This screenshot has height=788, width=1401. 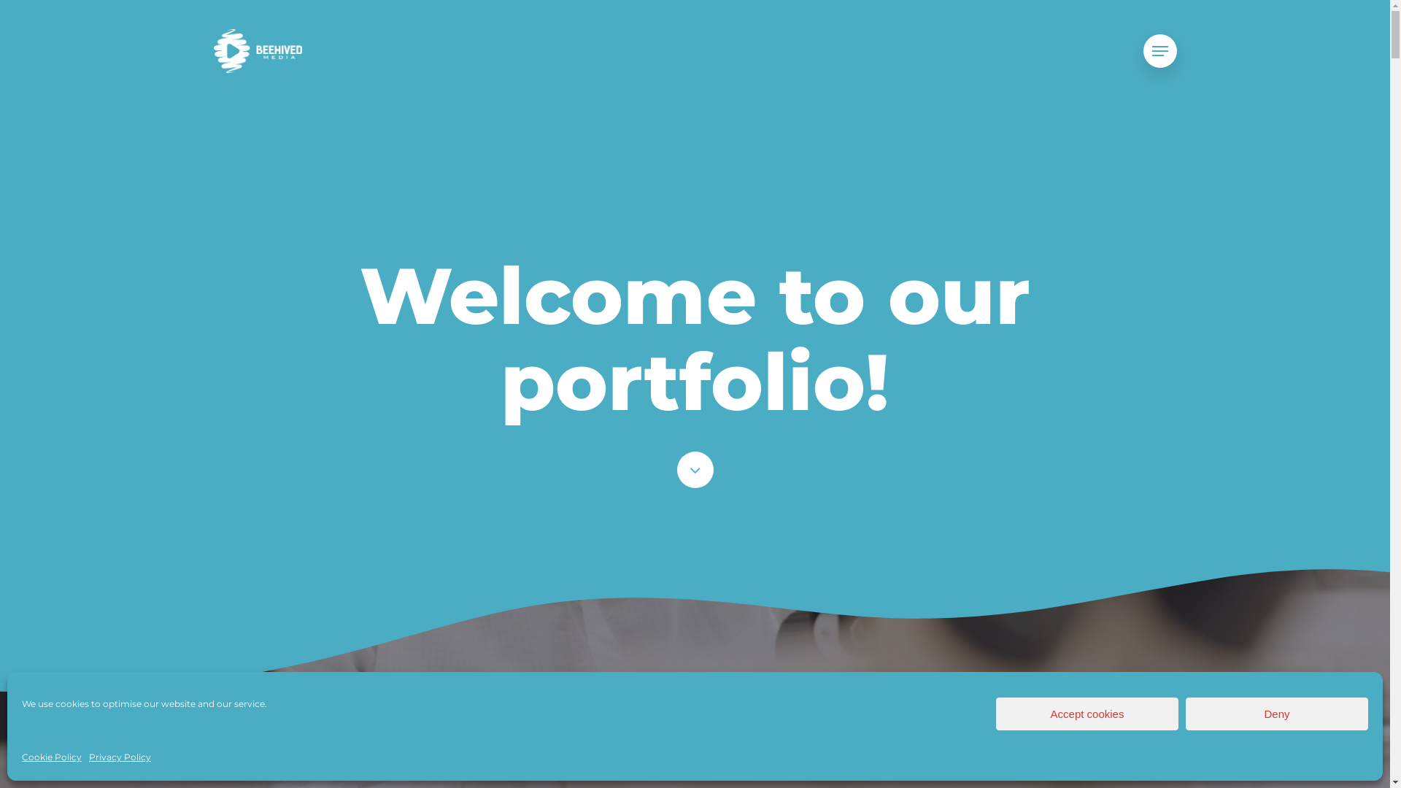 What do you see at coordinates (1141, 50) in the screenshot?
I see `'Menu'` at bounding box center [1141, 50].